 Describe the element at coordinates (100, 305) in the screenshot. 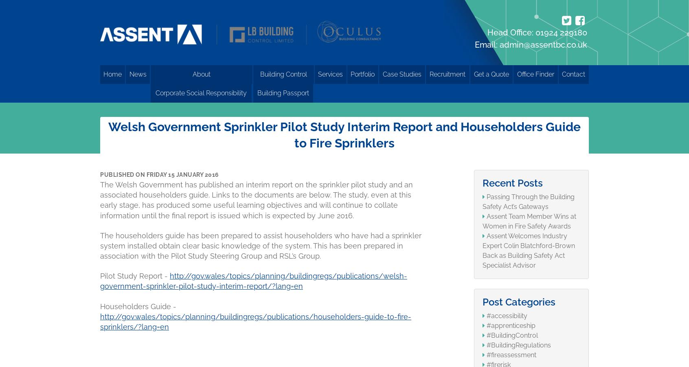

I see `'Householders Guide -'` at that location.